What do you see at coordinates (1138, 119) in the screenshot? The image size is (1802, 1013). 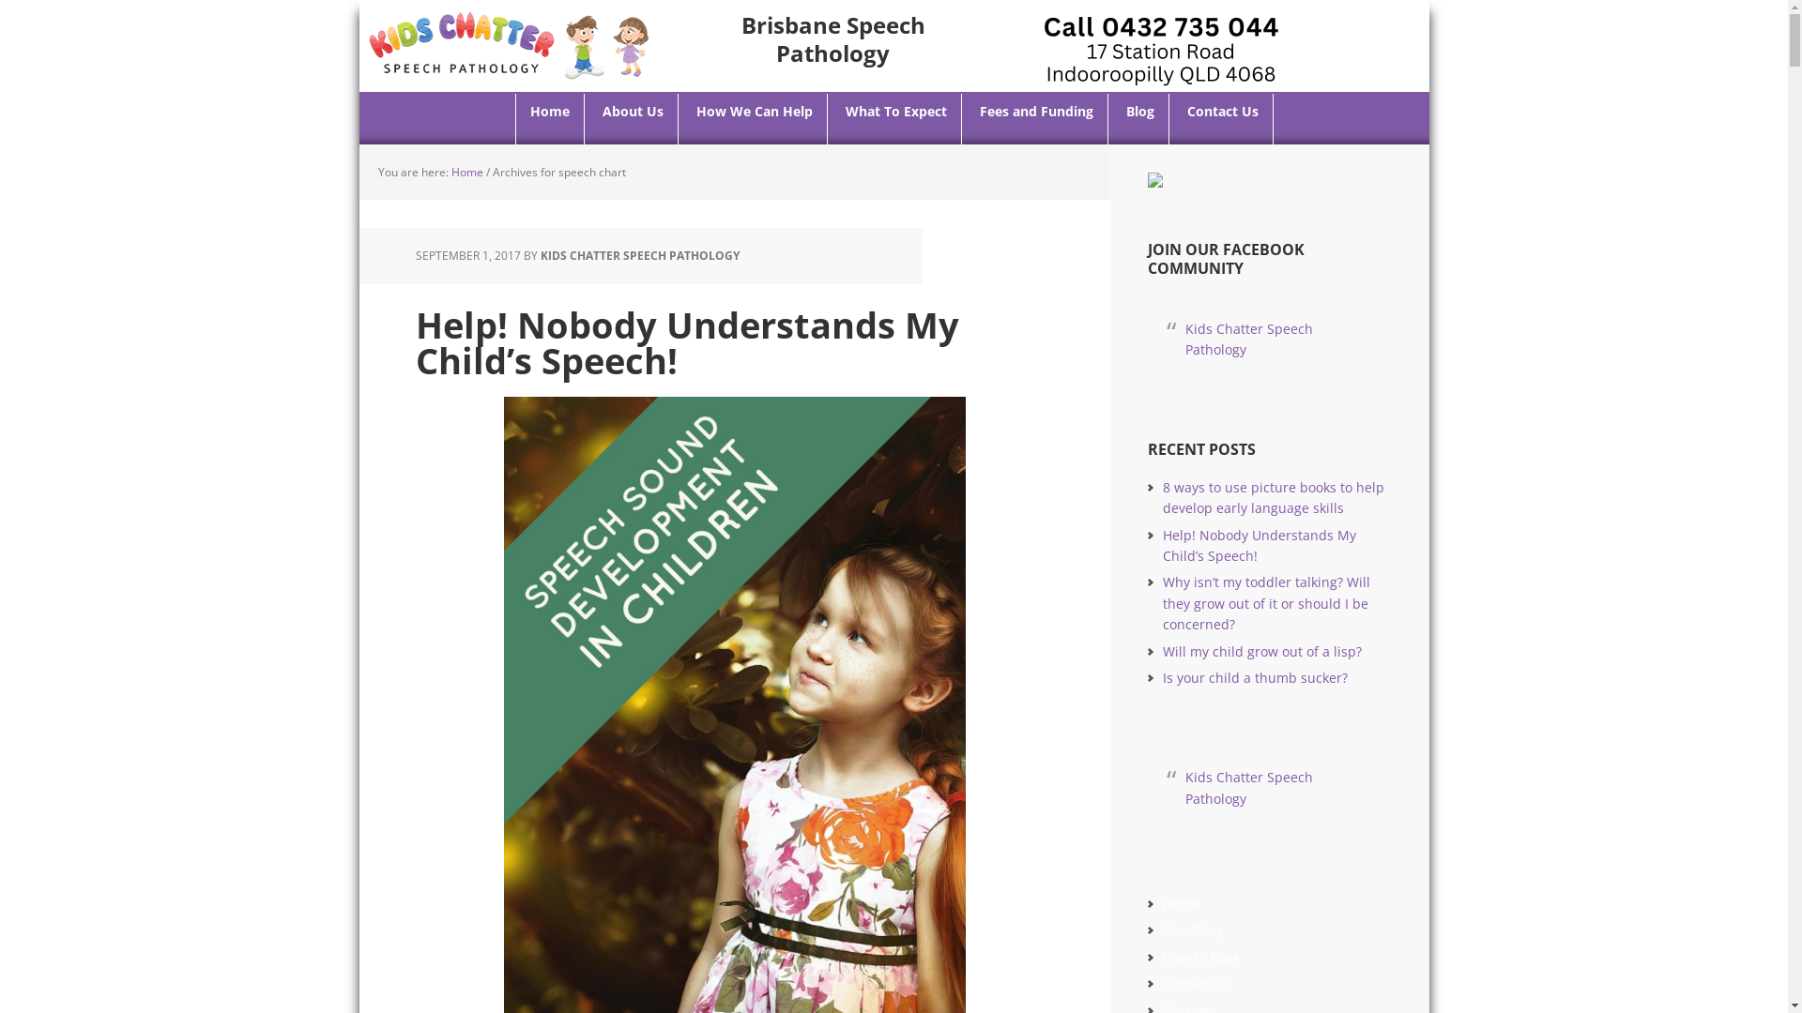 I see `'Blog'` at bounding box center [1138, 119].